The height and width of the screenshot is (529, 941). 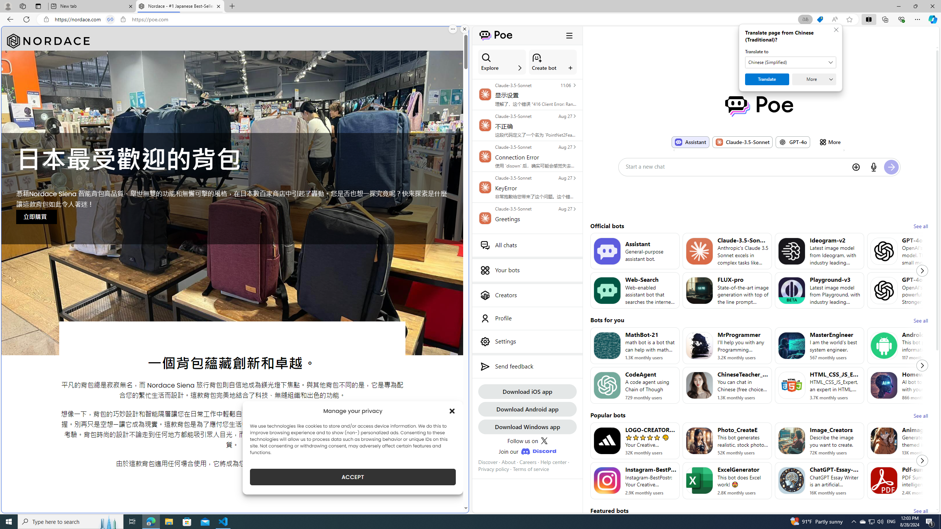 What do you see at coordinates (353, 477) in the screenshot?
I see `'ACCEPT'` at bounding box center [353, 477].